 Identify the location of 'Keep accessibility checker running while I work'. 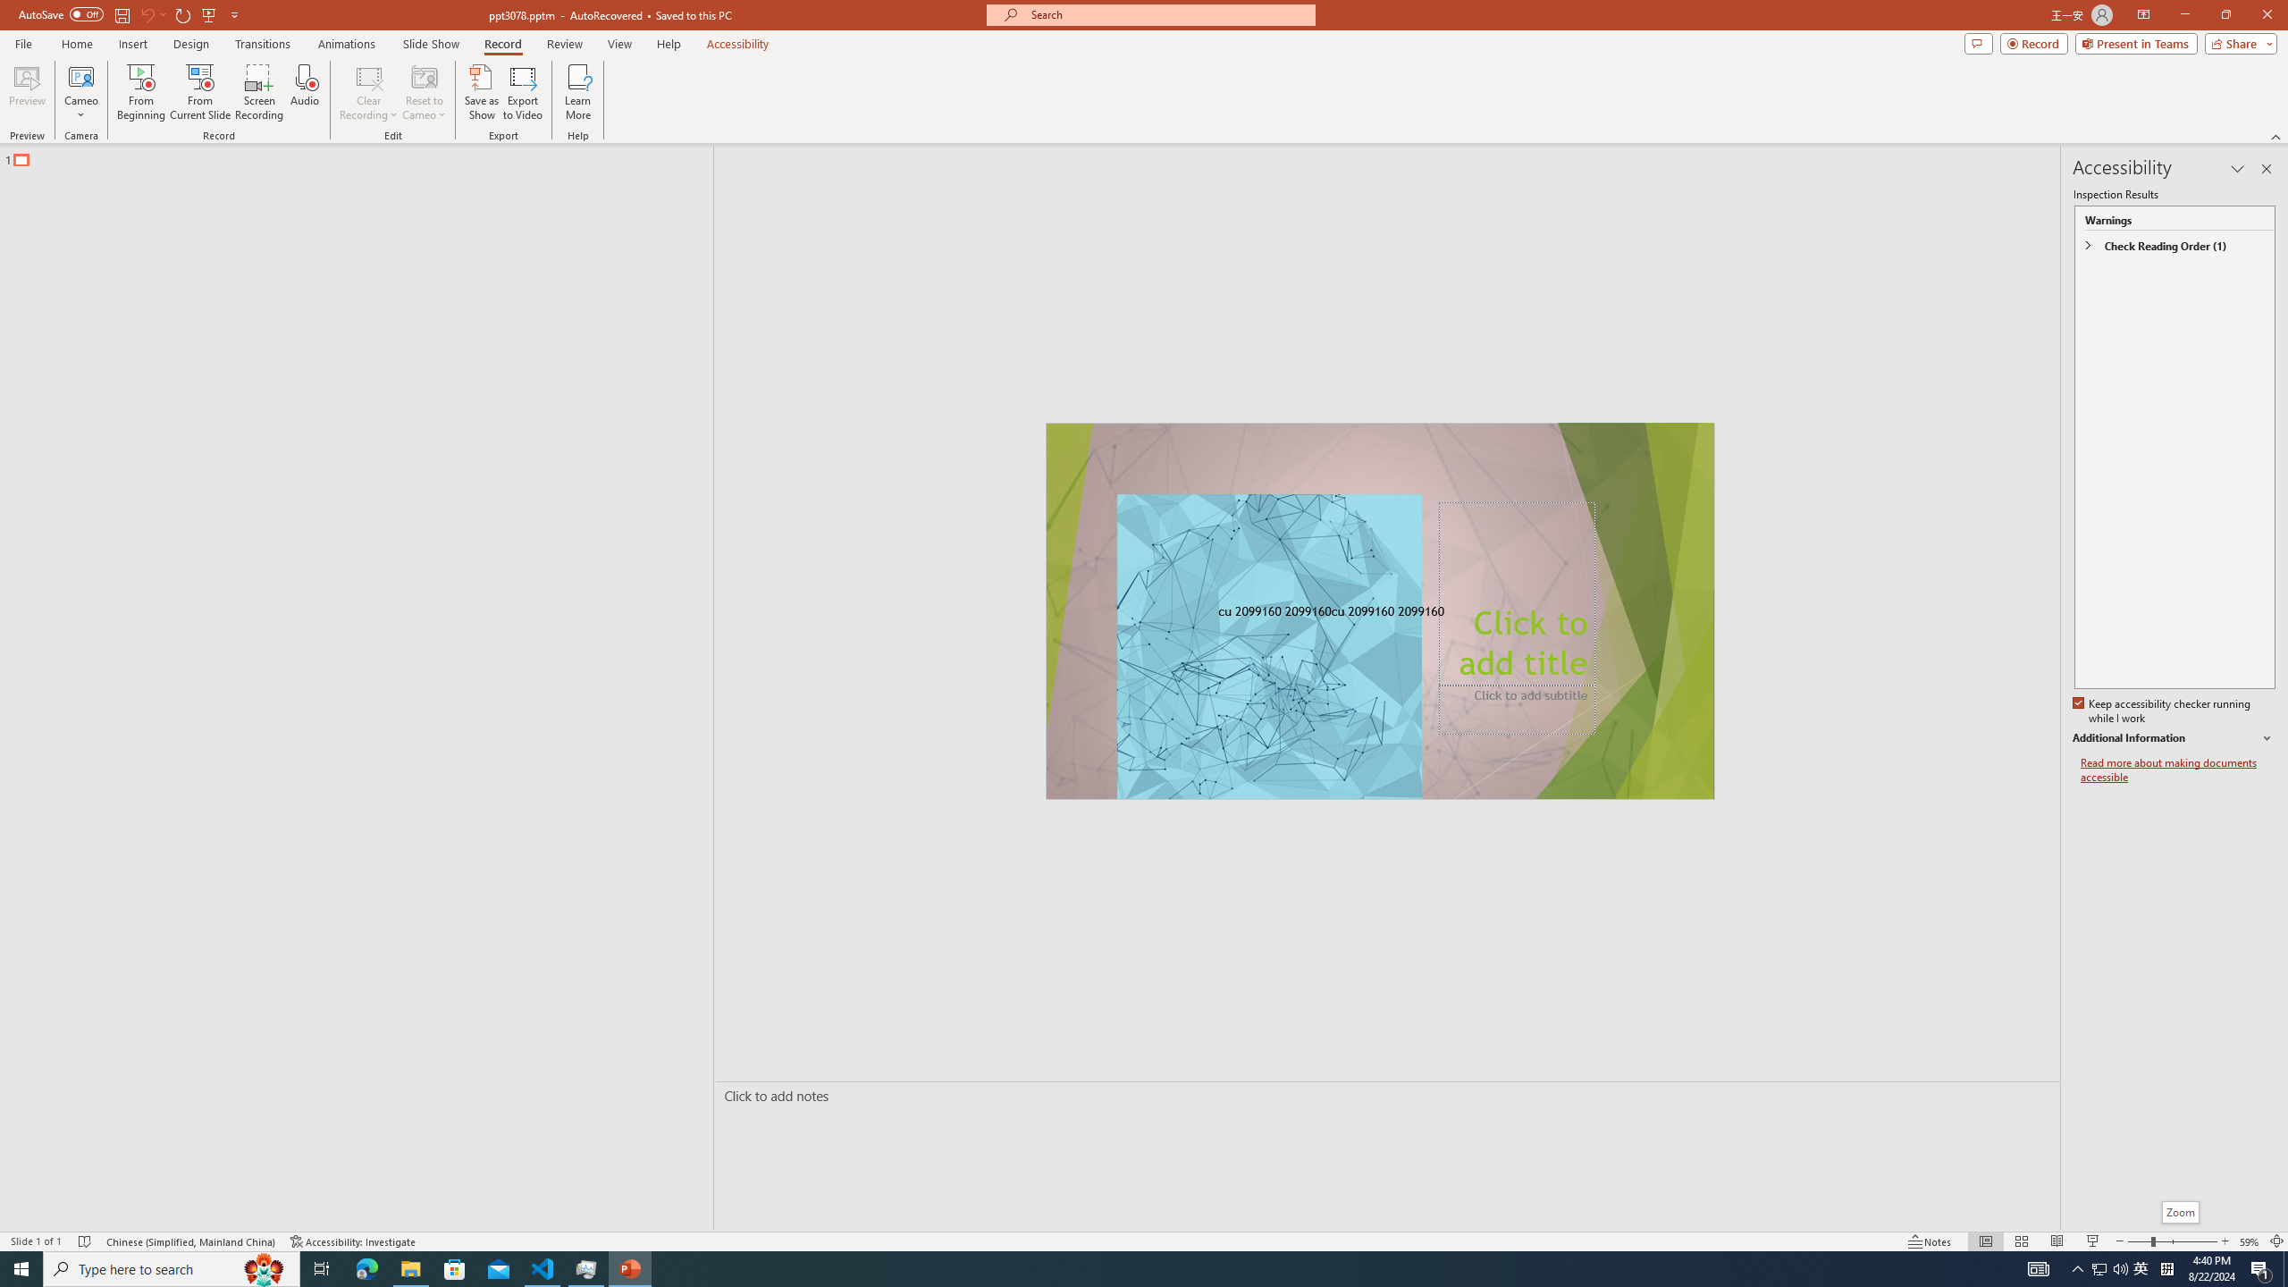
(2163, 711).